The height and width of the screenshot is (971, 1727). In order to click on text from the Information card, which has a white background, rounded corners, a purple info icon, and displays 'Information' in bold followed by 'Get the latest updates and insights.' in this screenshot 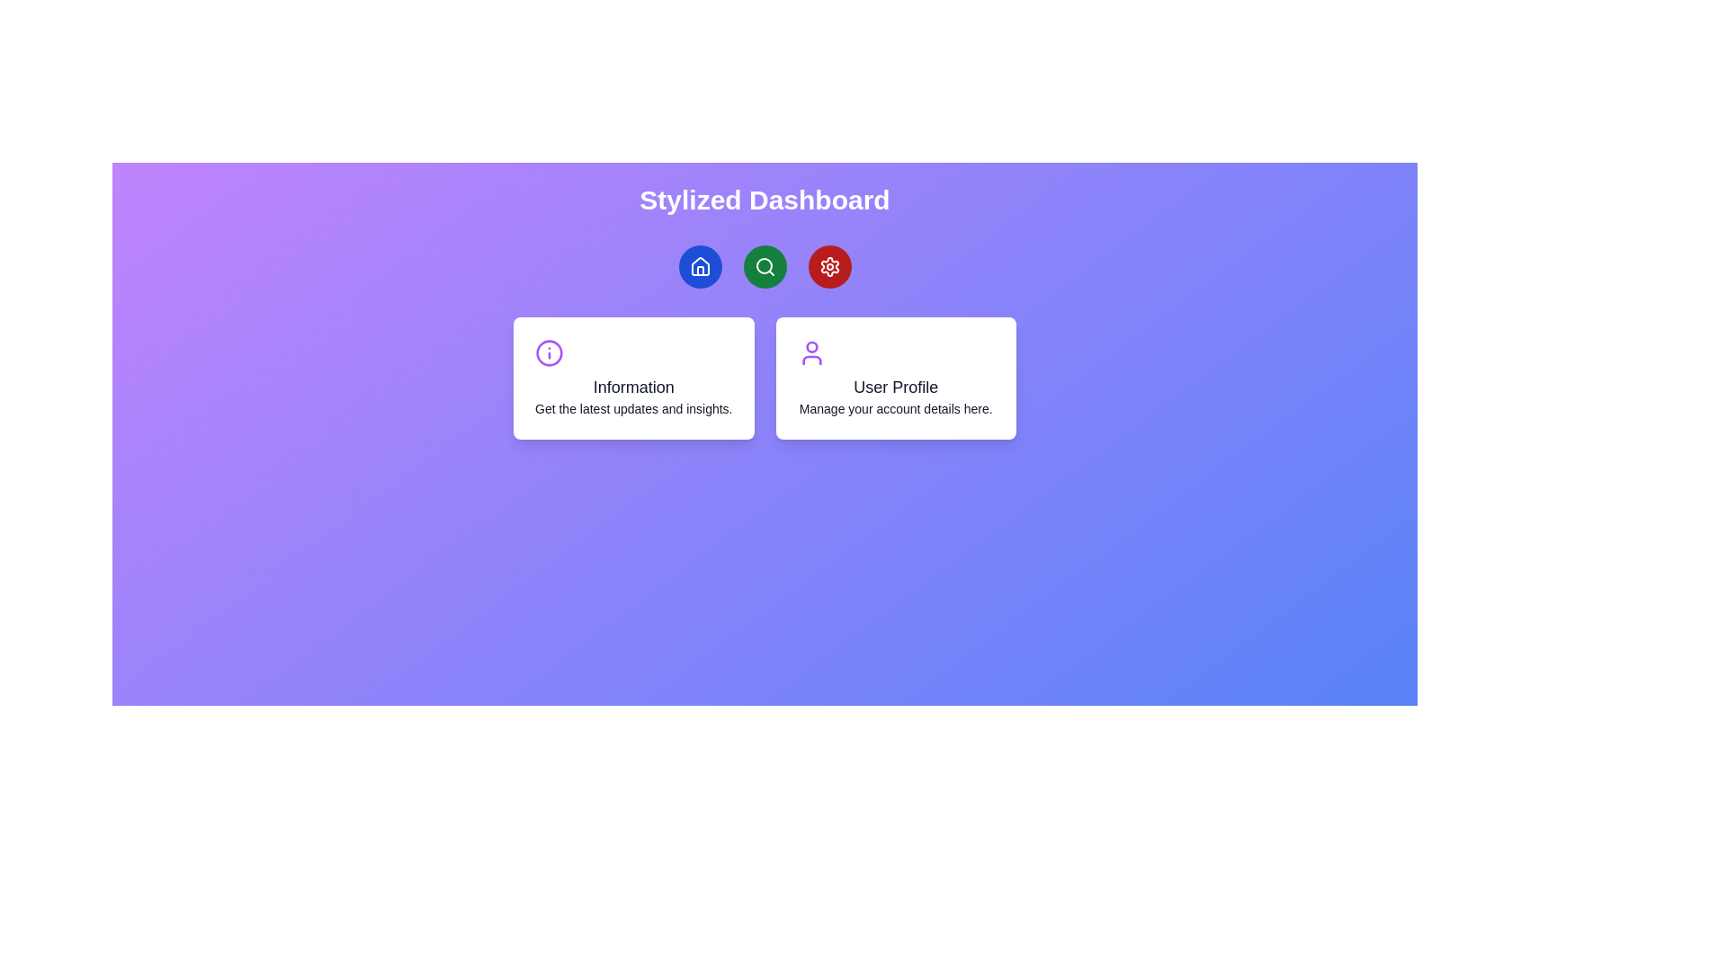, I will do `click(633, 377)`.